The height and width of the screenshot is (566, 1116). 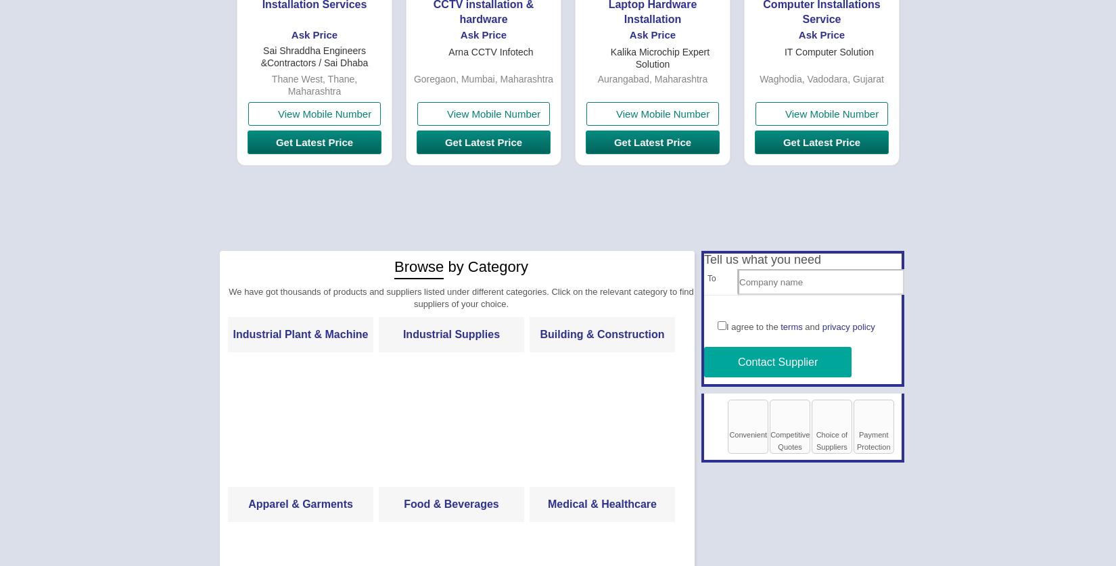 I want to click on 'To', so click(x=712, y=278).